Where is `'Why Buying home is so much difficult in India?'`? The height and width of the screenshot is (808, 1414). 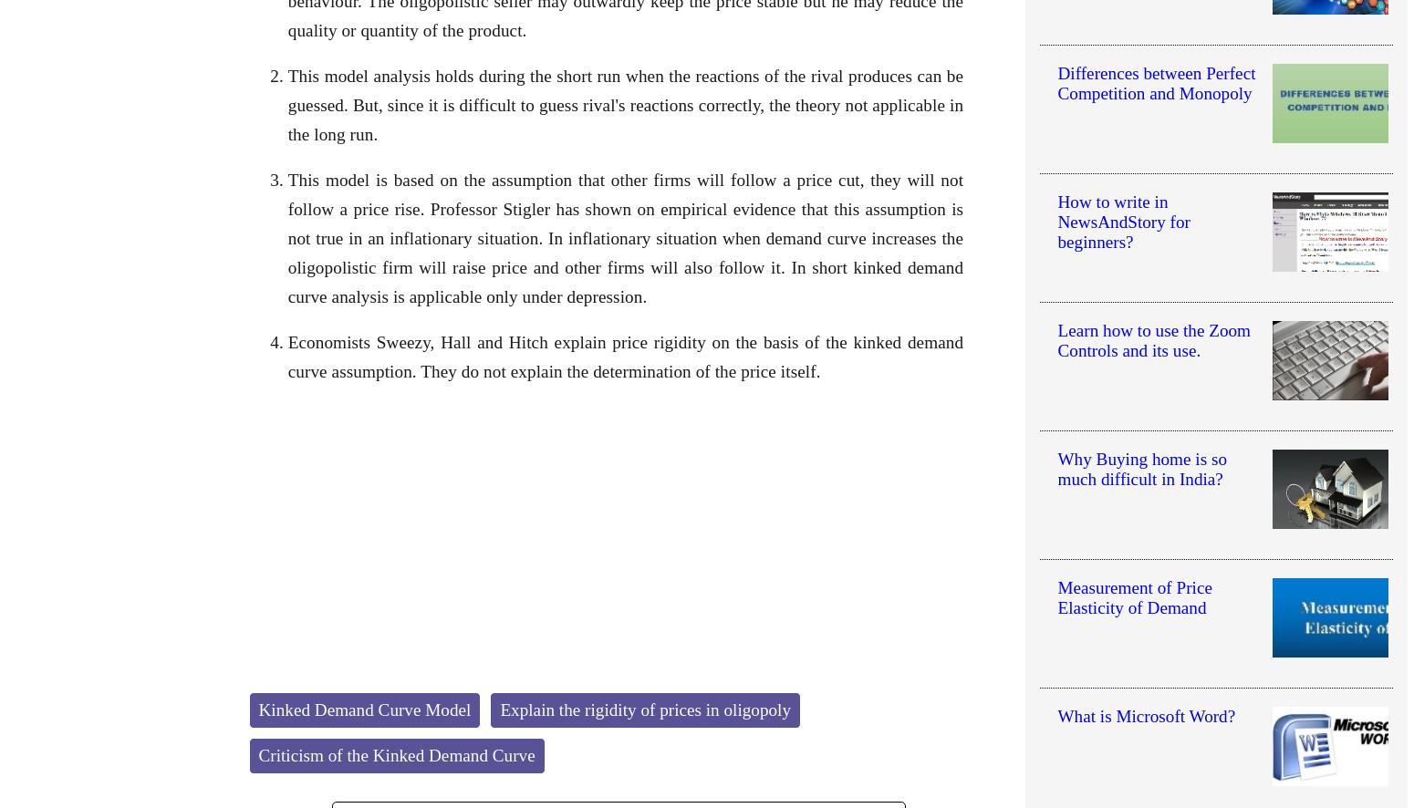 'Why Buying home is so much difficult in India?' is located at coordinates (1140, 468).